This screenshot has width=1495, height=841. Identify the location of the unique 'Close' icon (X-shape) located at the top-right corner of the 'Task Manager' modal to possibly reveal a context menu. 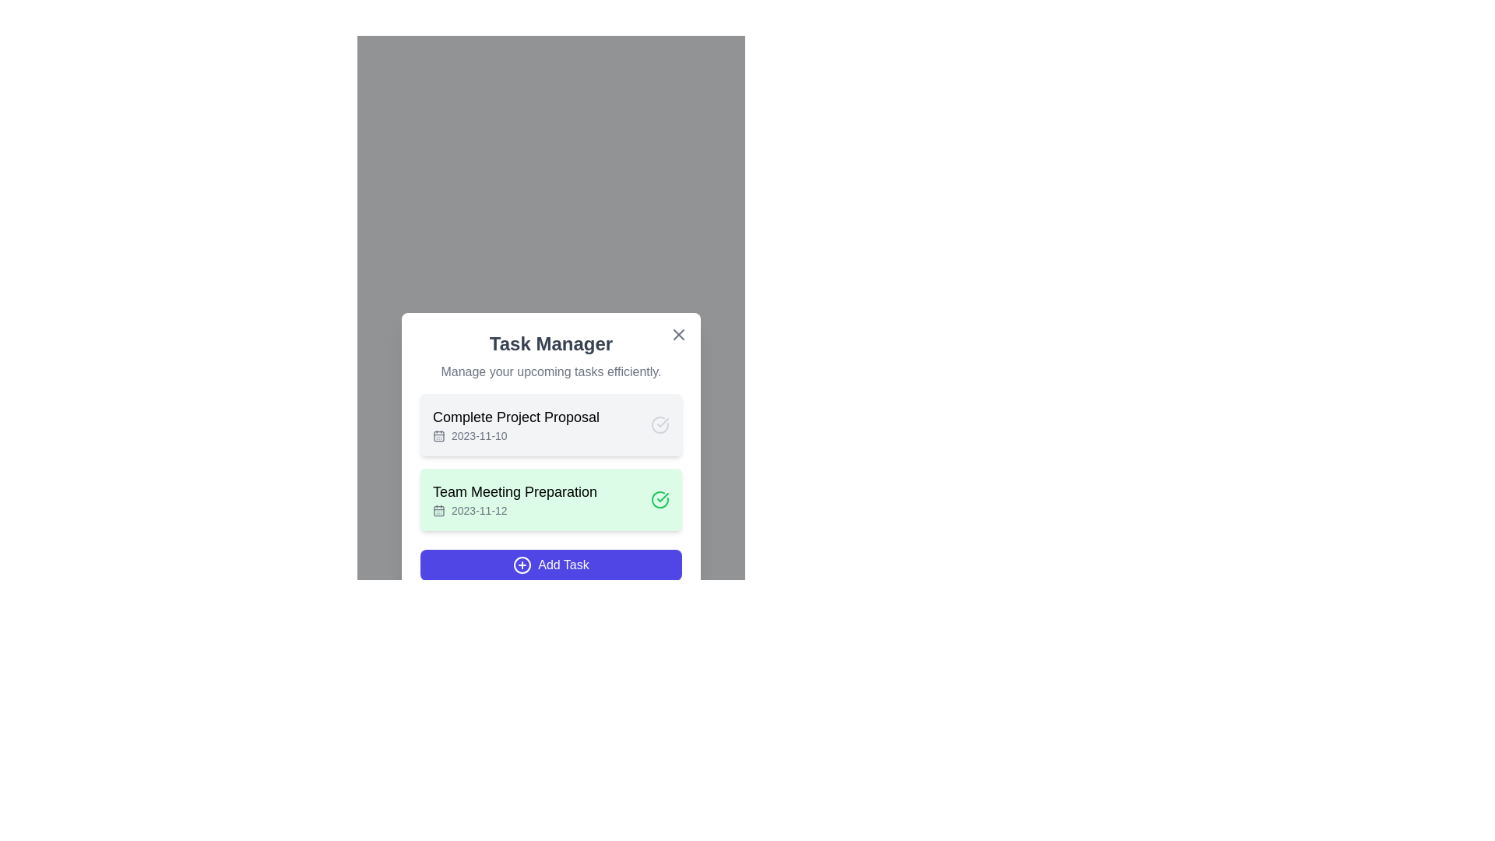
(679, 333).